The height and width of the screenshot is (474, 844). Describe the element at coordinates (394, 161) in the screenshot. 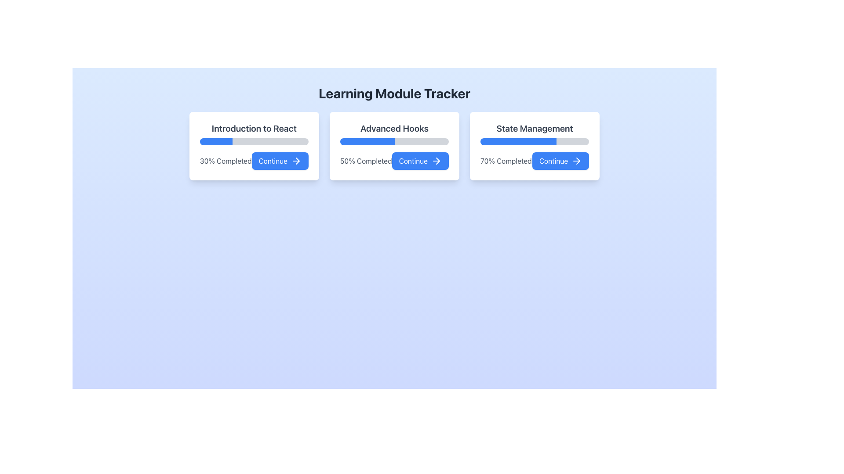

I see `the 'Continue' button in the '50% Completed' progress indicator of the 'Advanced Hooks' card in the Learning Module Tracker` at that location.